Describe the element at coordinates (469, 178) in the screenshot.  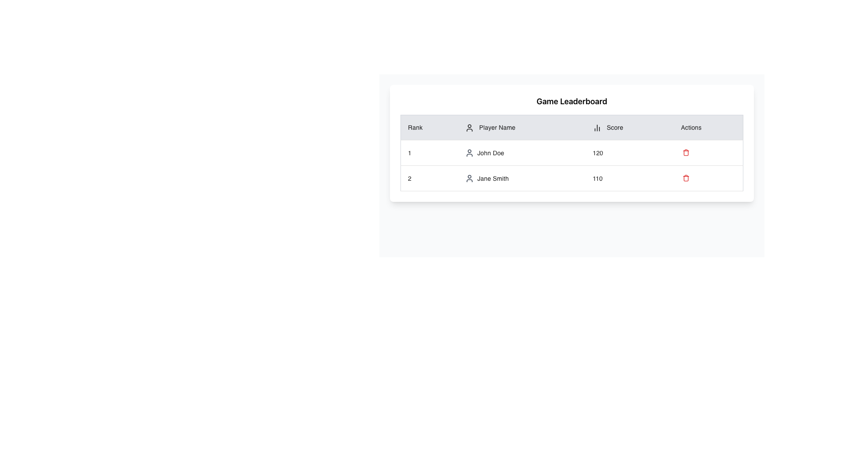
I see `the circular user icon next to 'Jane Smith' in the second row of the leaderboard under the 'Player Name' column` at that location.